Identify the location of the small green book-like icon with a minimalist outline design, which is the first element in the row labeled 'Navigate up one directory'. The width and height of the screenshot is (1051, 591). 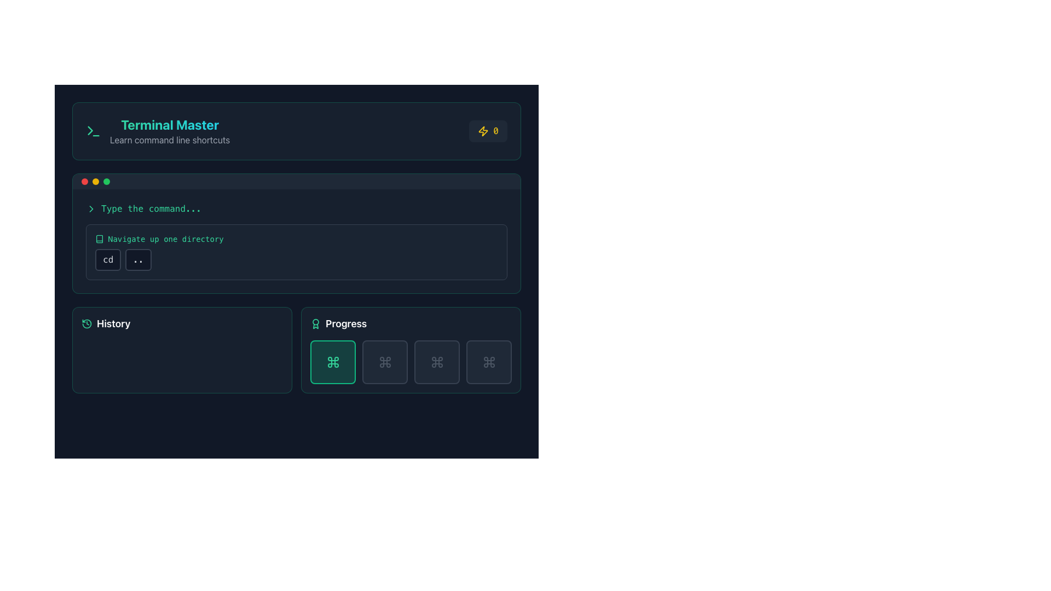
(100, 238).